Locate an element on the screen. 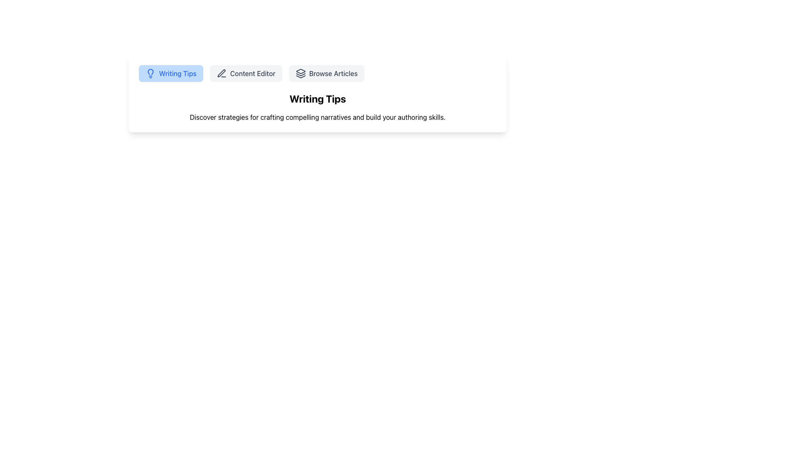  the lightbulb icon that is styled with a circular outline and is located on the left side of the 'Writing Tips' button is located at coordinates (151, 73).